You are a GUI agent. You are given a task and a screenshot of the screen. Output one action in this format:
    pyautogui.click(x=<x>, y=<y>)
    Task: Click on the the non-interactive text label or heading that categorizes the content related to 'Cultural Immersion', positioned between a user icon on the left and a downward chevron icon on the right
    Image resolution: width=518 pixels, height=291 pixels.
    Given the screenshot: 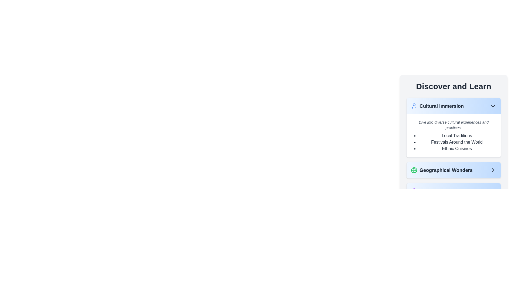 What is the action you would take?
    pyautogui.click(x=437, y=106)
    